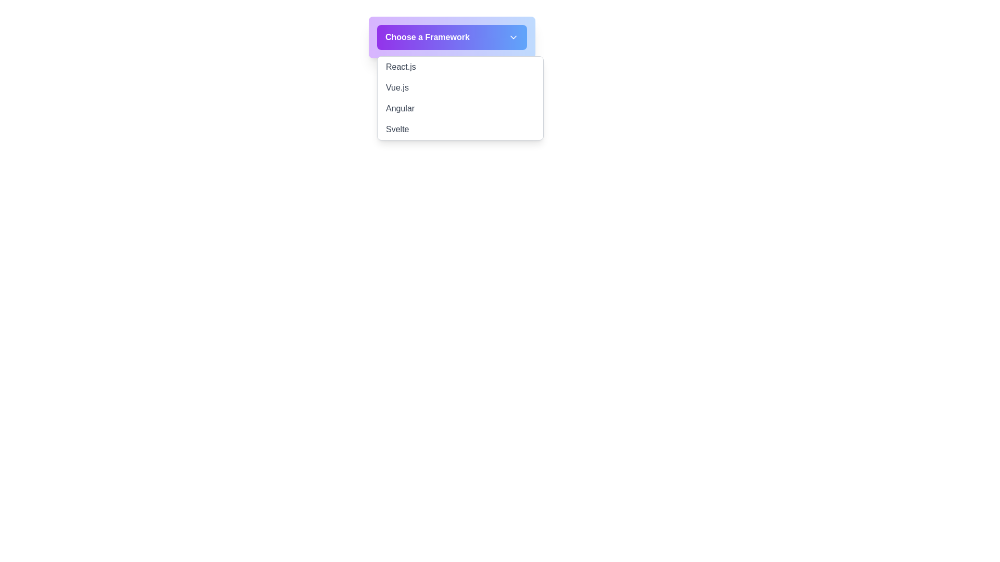  I want to click on the dropdown menu that presents options for selecting a framework: 'React.js', 'Vue.js', 'Angular', and 'Svelte', so click(459, 98).